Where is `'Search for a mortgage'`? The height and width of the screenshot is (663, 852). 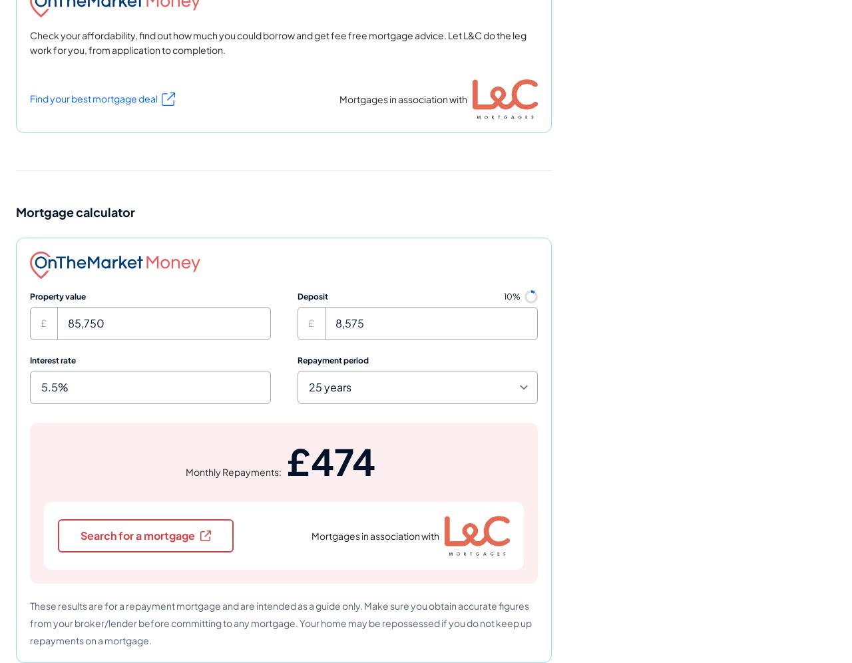 'Search for a mortgage' is located at coordinates (137, 534).